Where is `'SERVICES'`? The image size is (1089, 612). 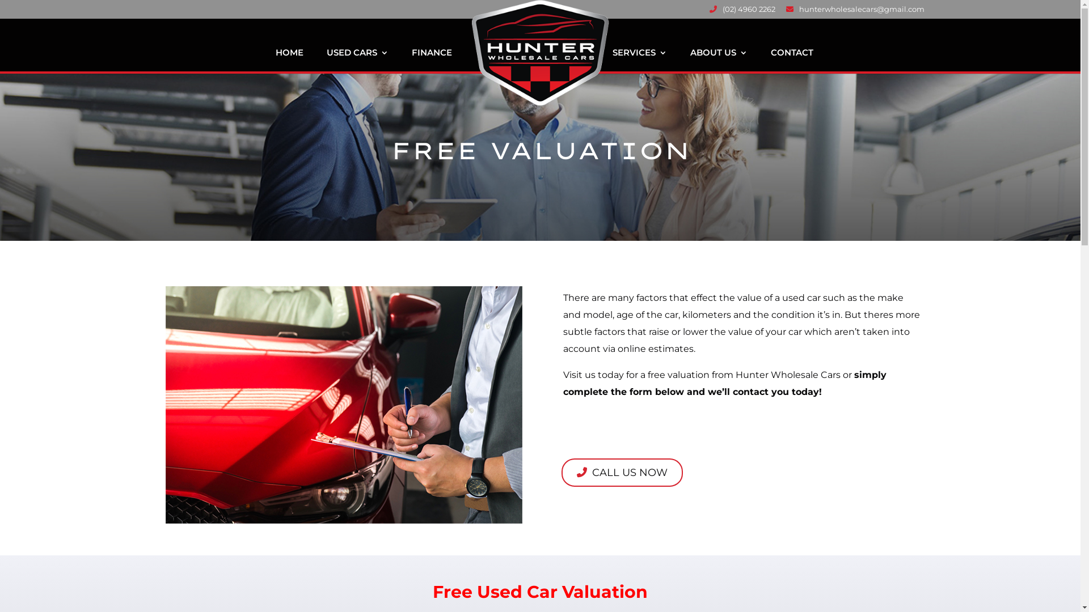
'SERVICES' is located at coordinates (640, 61).